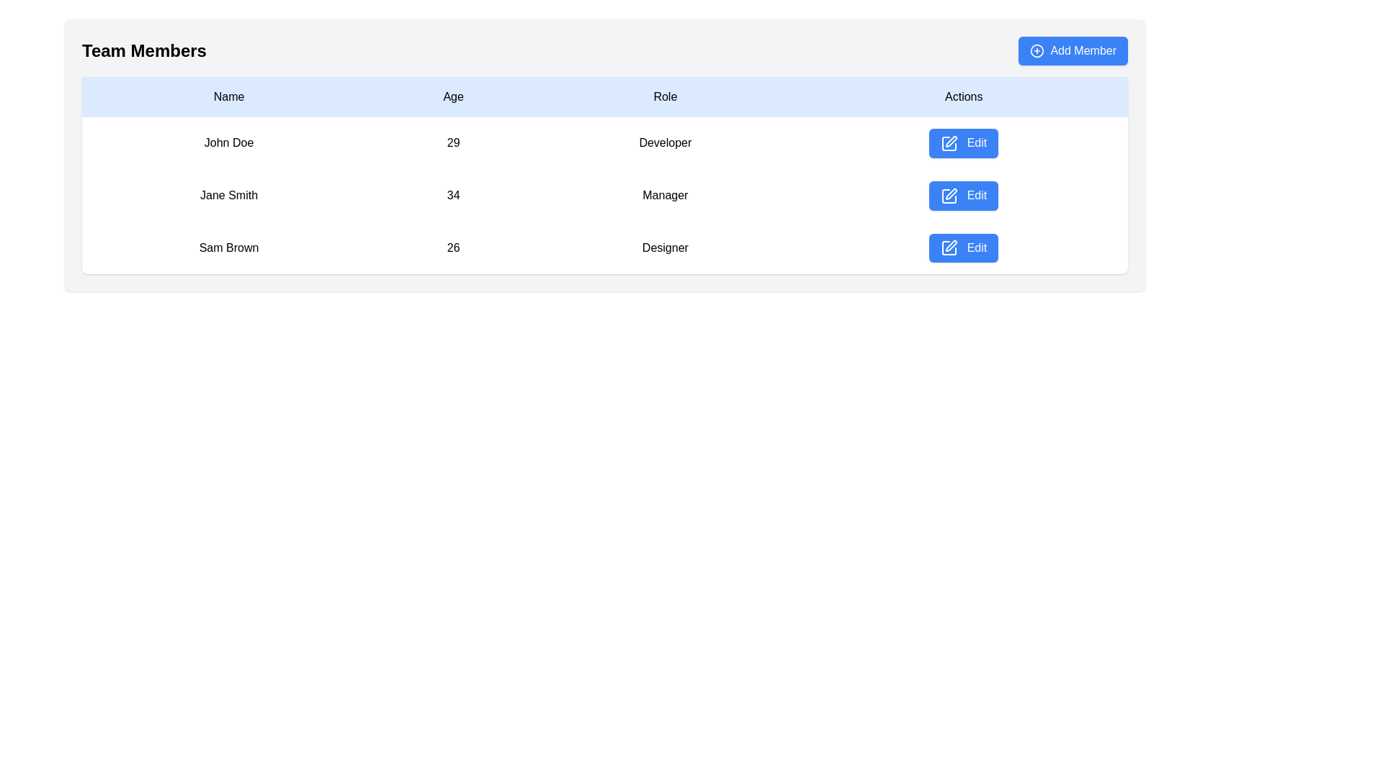  I want to click on the Label displaying the name of an individual in the first row of the 'Name' column in the table, so click(228, 143).